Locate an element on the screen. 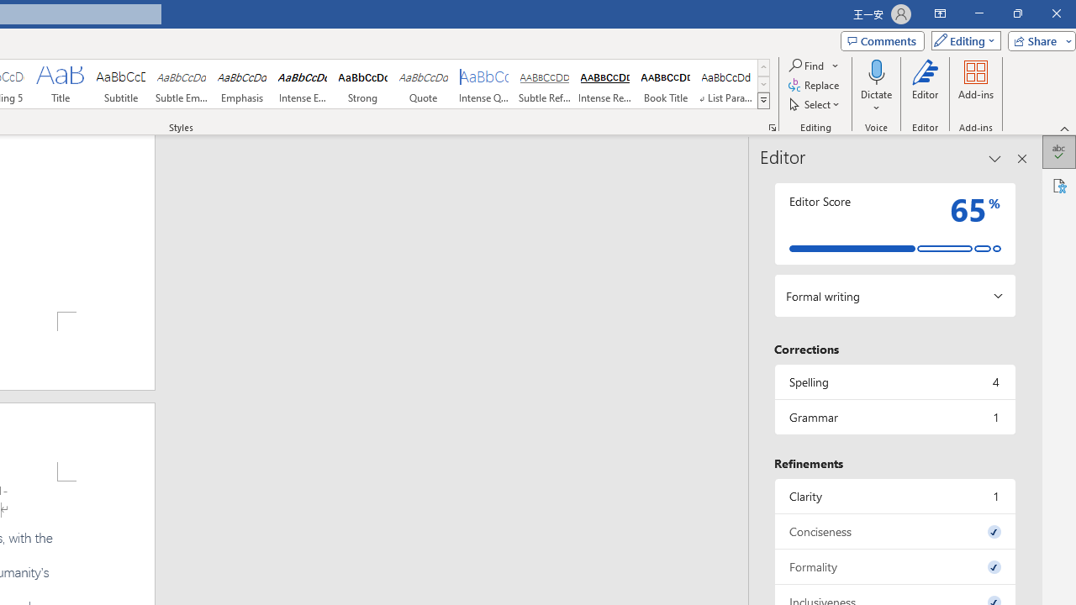  'Editor' is located at coordinates (925, 87).